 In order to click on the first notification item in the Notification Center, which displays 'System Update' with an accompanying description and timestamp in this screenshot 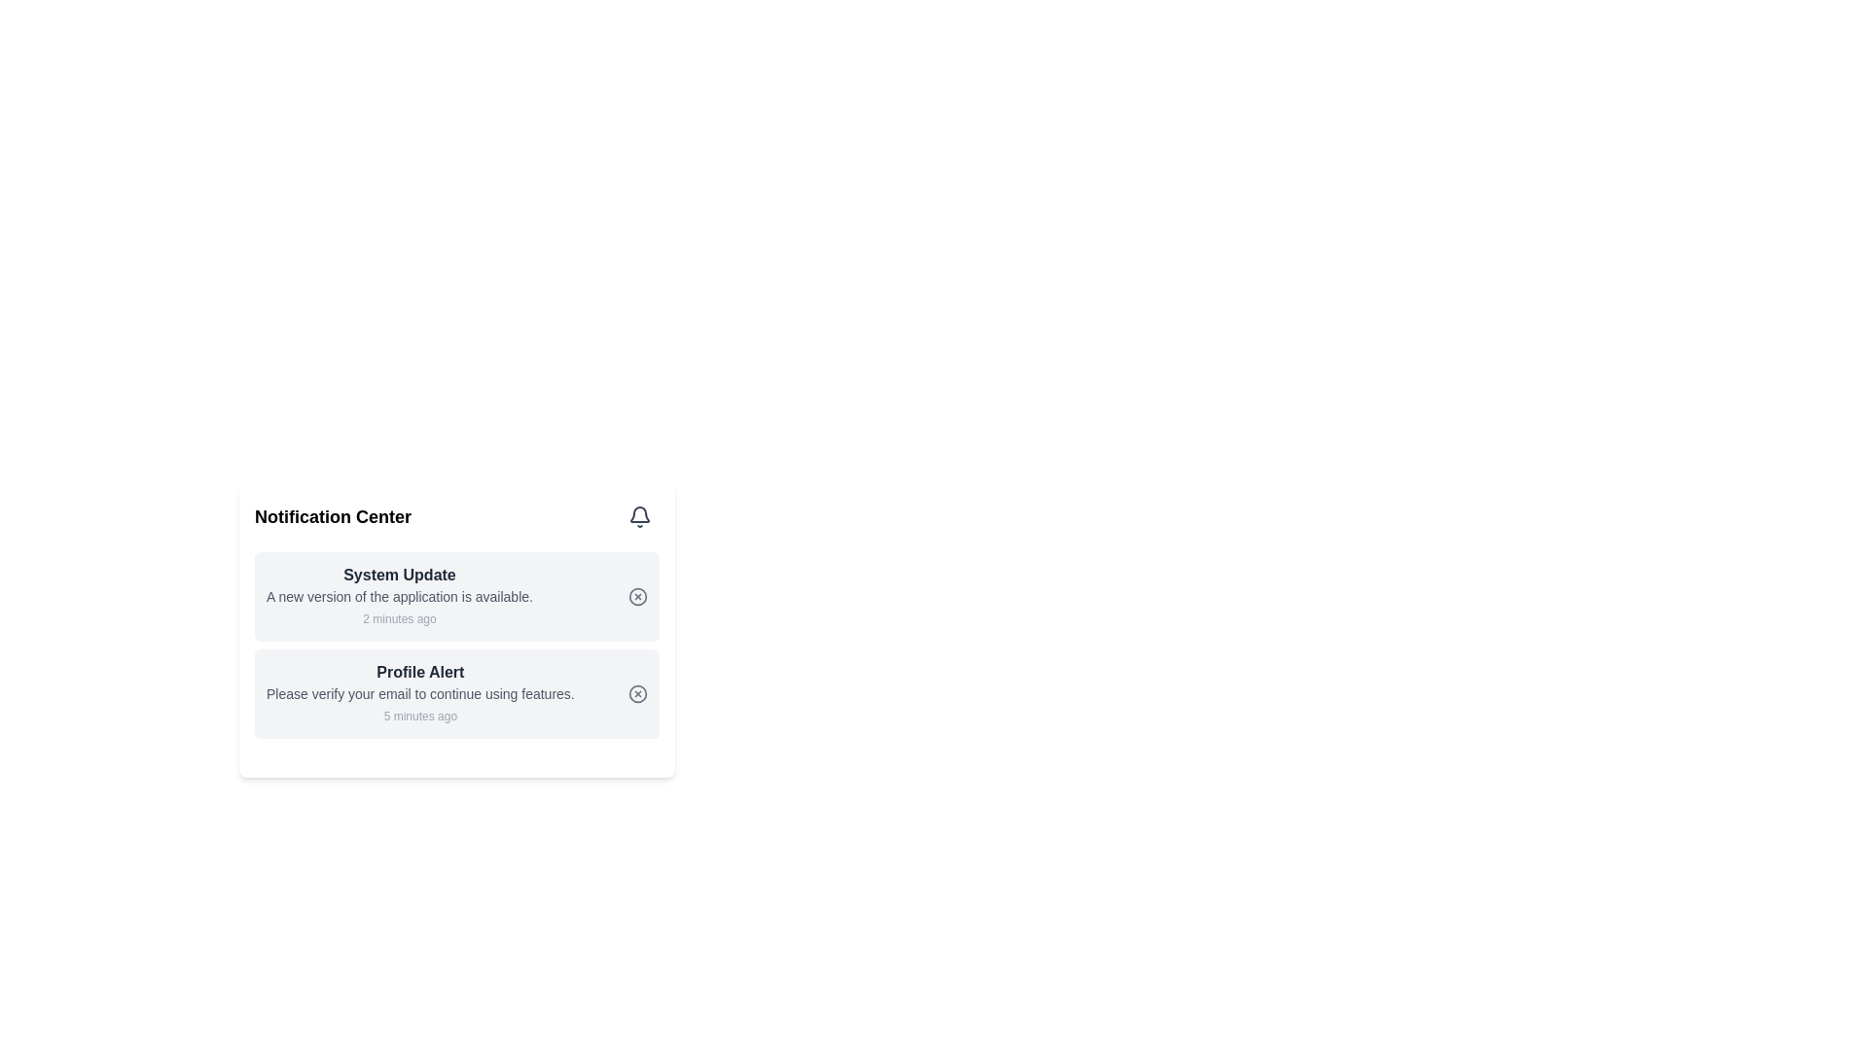, I will do `click(399, 595)`.